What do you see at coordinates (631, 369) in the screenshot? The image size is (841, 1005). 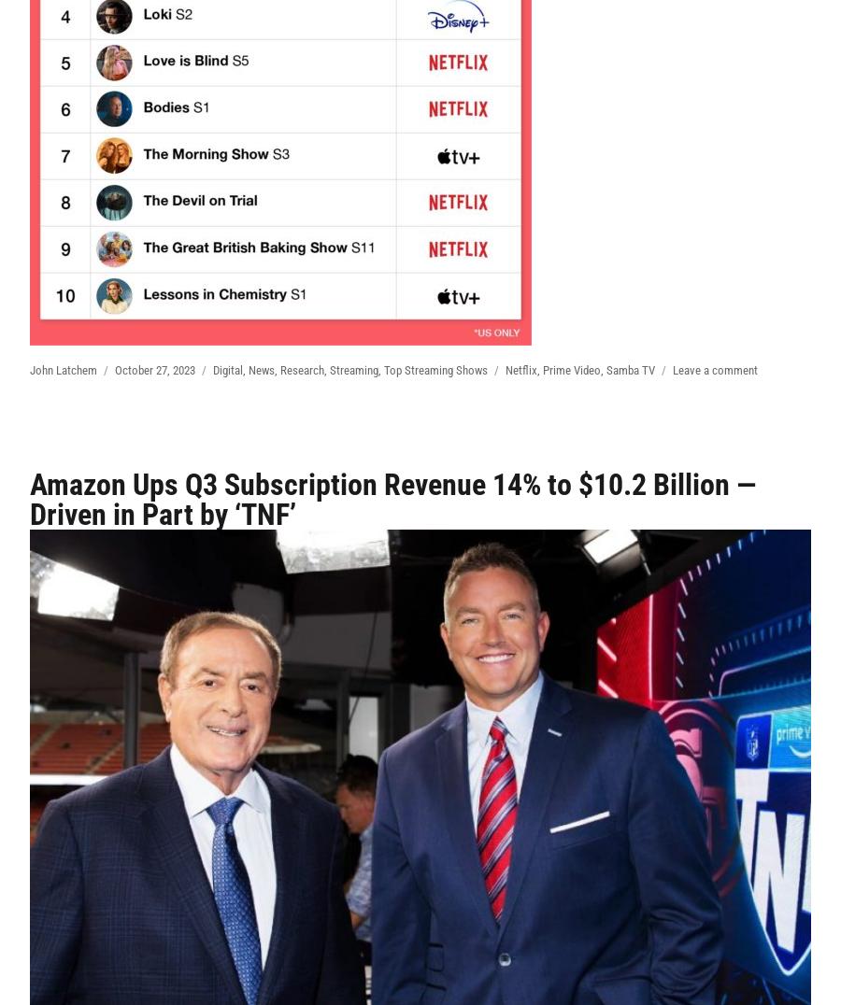 I see `'Samba TV'` at bounding box center [631, 369].